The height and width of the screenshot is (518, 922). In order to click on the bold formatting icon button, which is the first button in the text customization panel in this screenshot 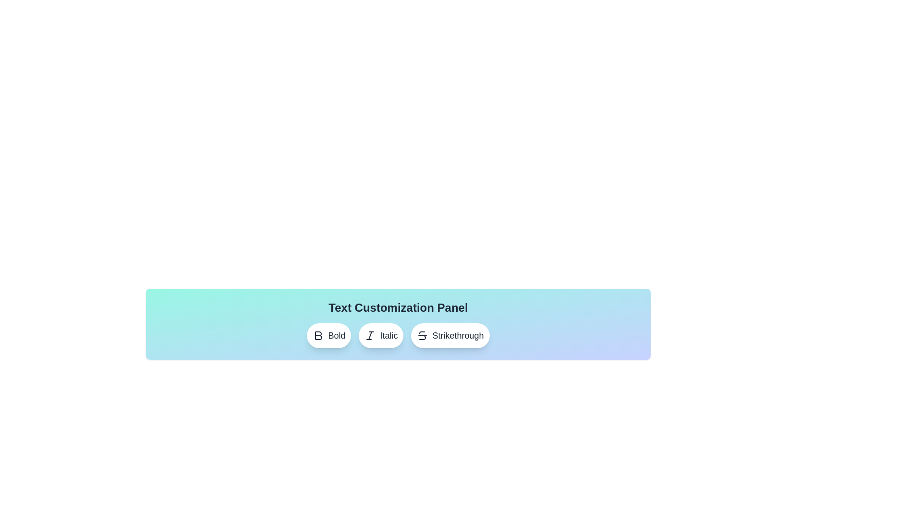, I will do `click(318, 335)`.